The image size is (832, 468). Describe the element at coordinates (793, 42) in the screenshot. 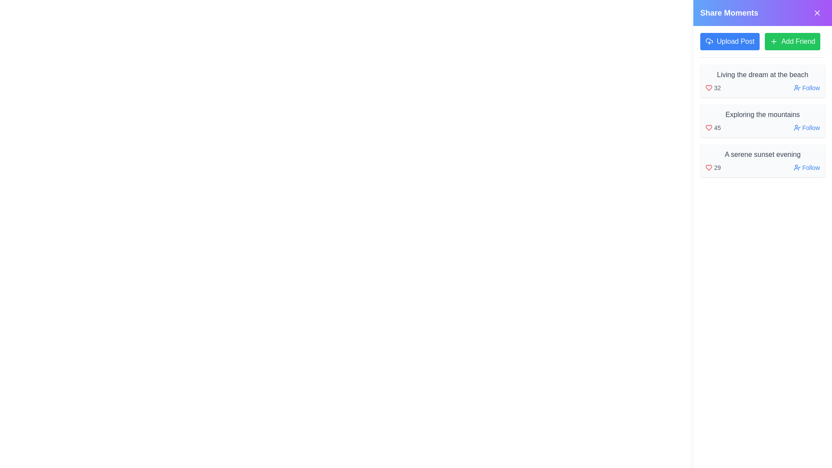

I see `the 'Add Friend' button located in the top section of the vertical panel on the right side of the interface` at that location.